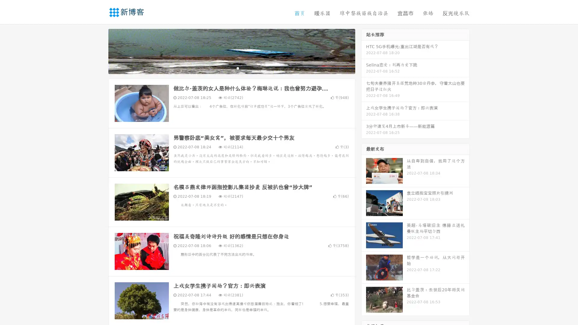 This screenshot has height=325, width=578. Describe the element at coordinates (364, 51) in the screenshot. I see `Next slide` at that location.